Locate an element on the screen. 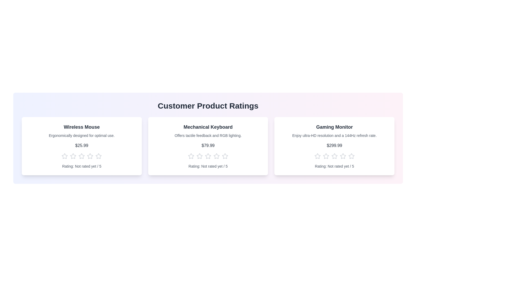 Image resolution: width=509 pixels, height=286 pixels. the star corresponding to the rating 4 for the product Wireless Mouse is located at coordinates (90, 156).